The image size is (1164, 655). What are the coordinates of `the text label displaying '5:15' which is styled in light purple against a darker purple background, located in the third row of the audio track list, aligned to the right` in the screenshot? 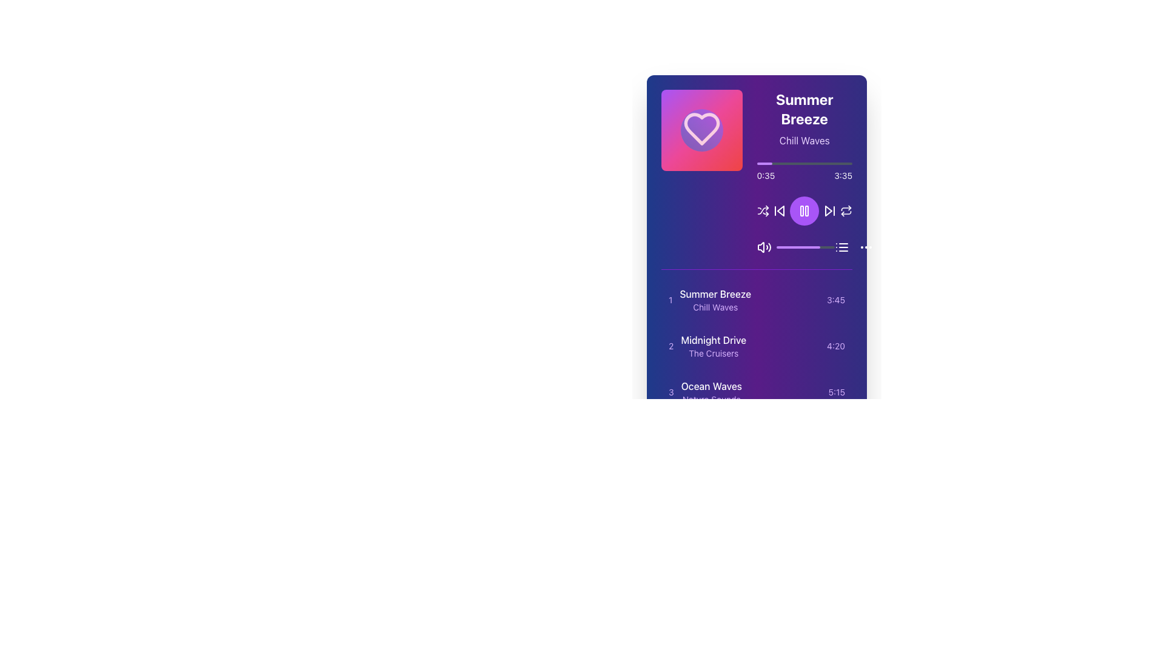 It's located at (836, 392).